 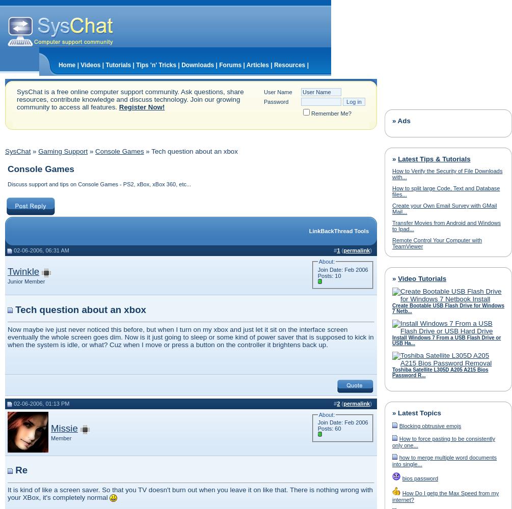 I want to click on 'Forums', so click(x=230, y=65).